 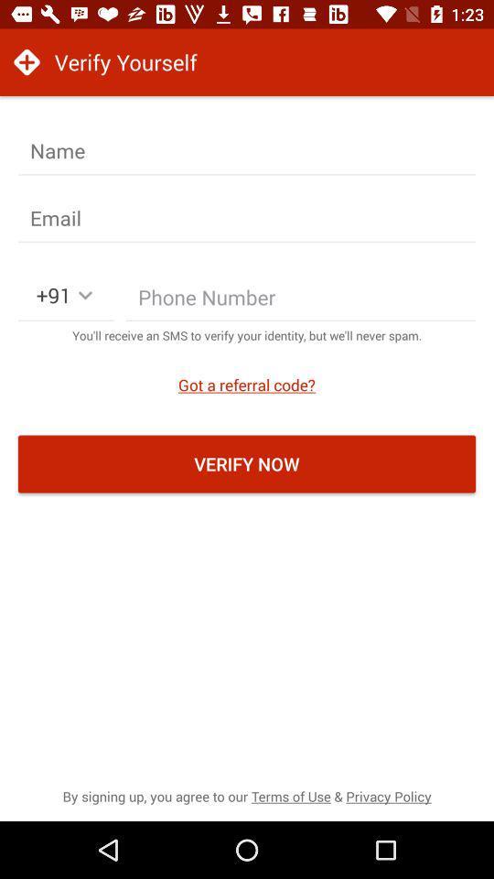 What do you see at coordinates (247, 384) in the screenshot?
I see `the icon above the verify now icon` at bounding box center [247, 384].